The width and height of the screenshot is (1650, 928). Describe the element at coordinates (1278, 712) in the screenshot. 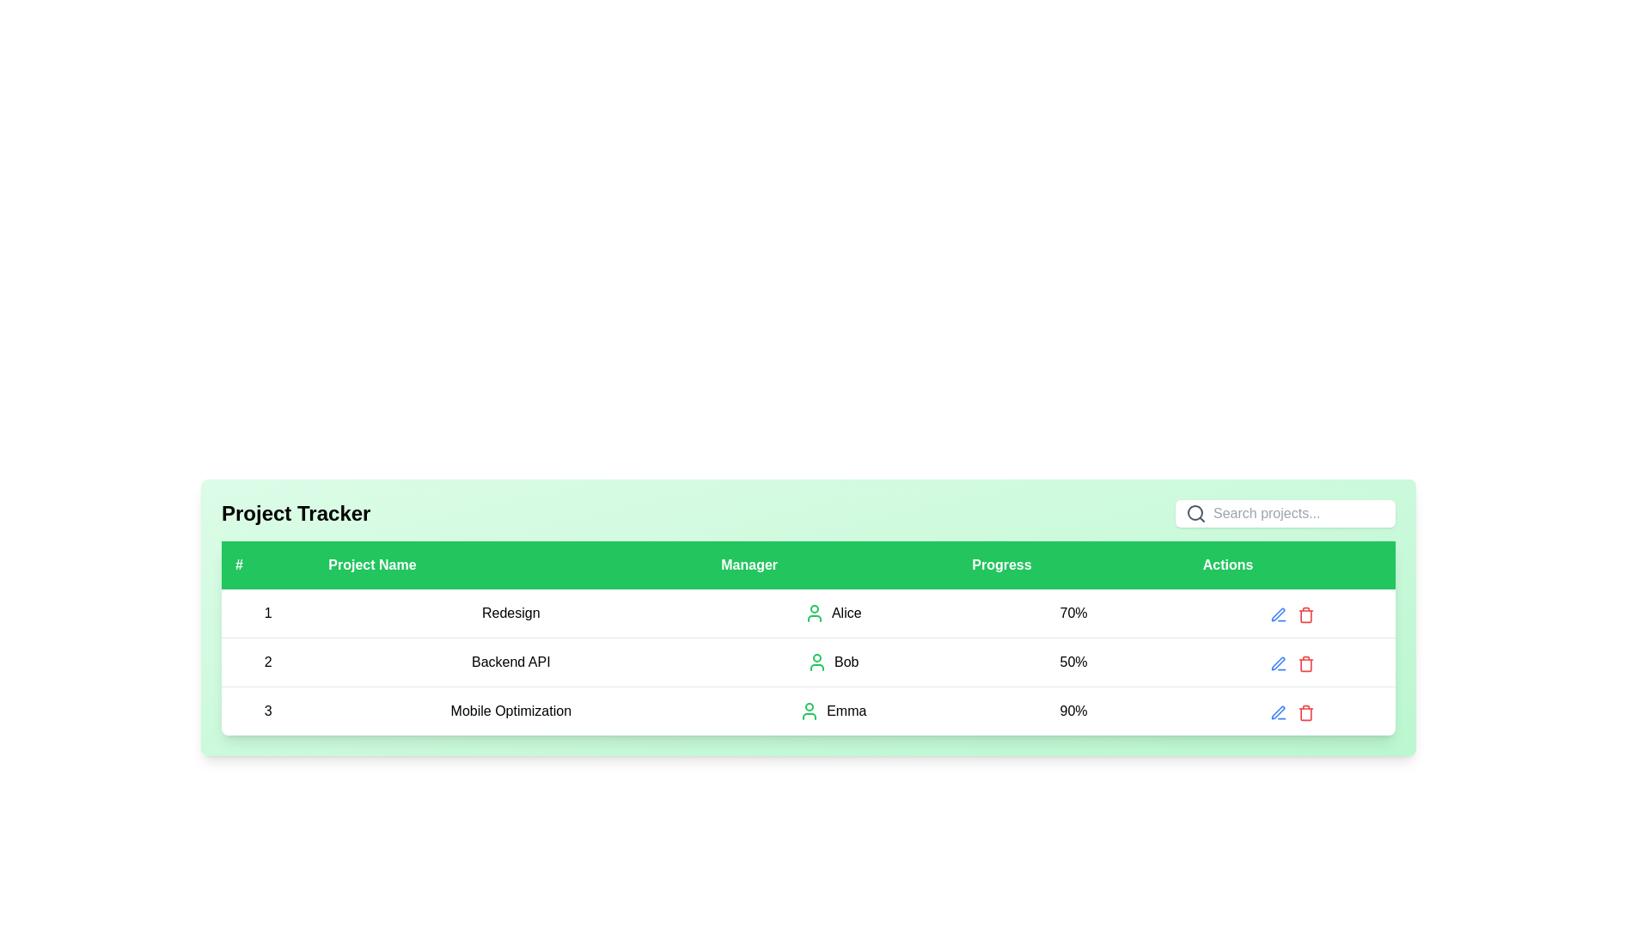

I see `the pencil icon button located in the actions column of the last row in the table` at that location.